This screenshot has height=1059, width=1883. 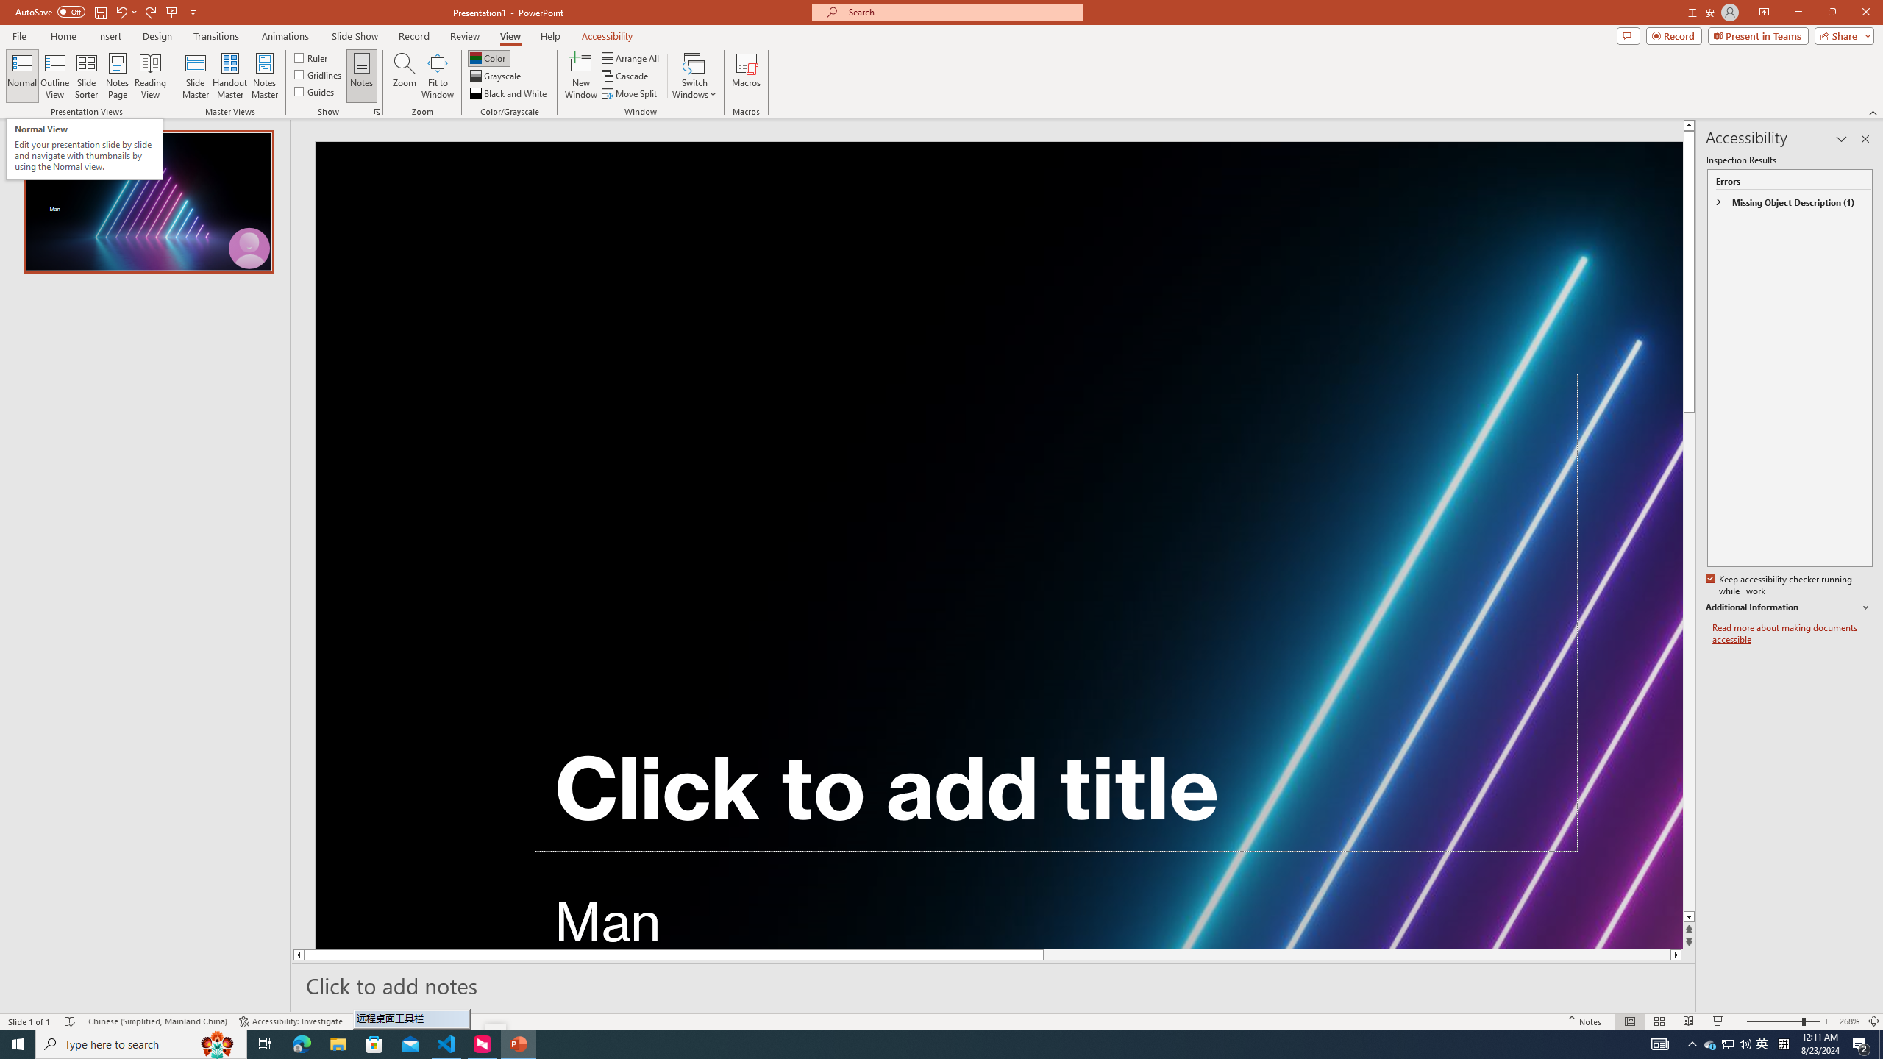 I want to click on 'Guides', so click(x=315, y=90).